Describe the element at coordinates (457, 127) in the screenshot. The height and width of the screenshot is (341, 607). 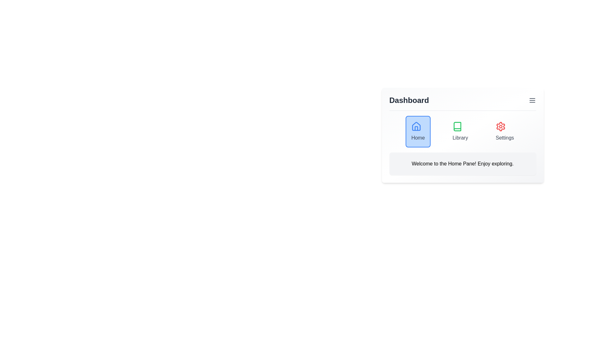
I see `the book icon with green strokes and a white background located in the 'Library' section of the navigation menu` at that location.